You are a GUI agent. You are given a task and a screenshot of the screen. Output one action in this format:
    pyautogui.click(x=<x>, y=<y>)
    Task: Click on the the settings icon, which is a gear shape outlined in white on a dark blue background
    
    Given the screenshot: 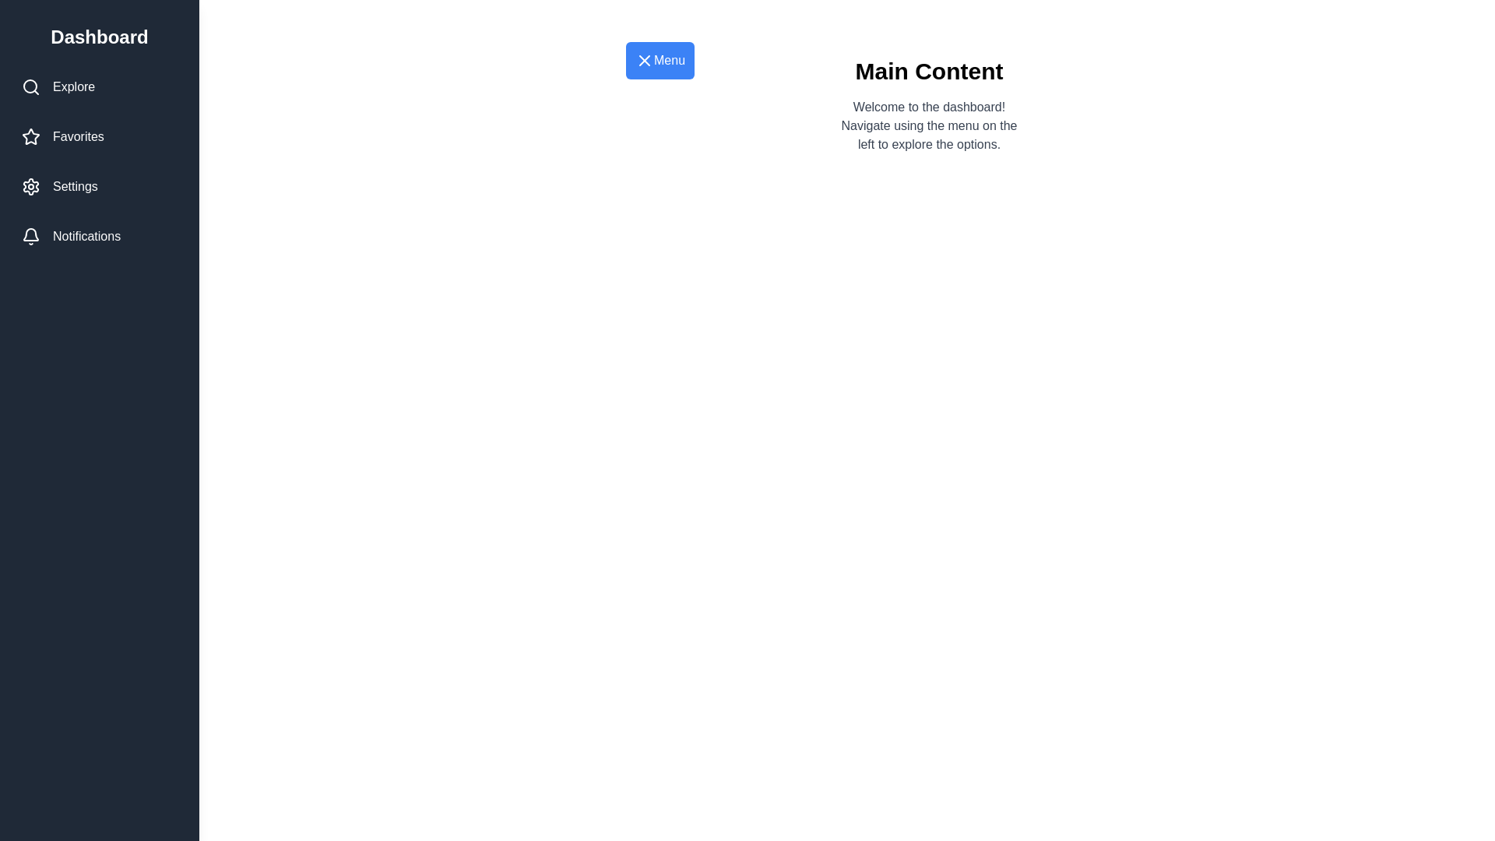 What is the action you would take?
    pyautogui.click(x=30, y=185)
    